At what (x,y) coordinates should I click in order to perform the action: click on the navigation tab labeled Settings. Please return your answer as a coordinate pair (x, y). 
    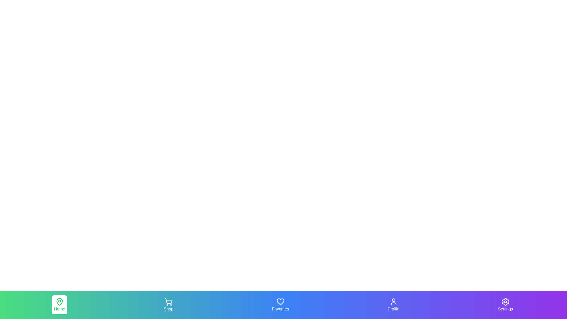
    Looking at the image, I should click on (505, 305).